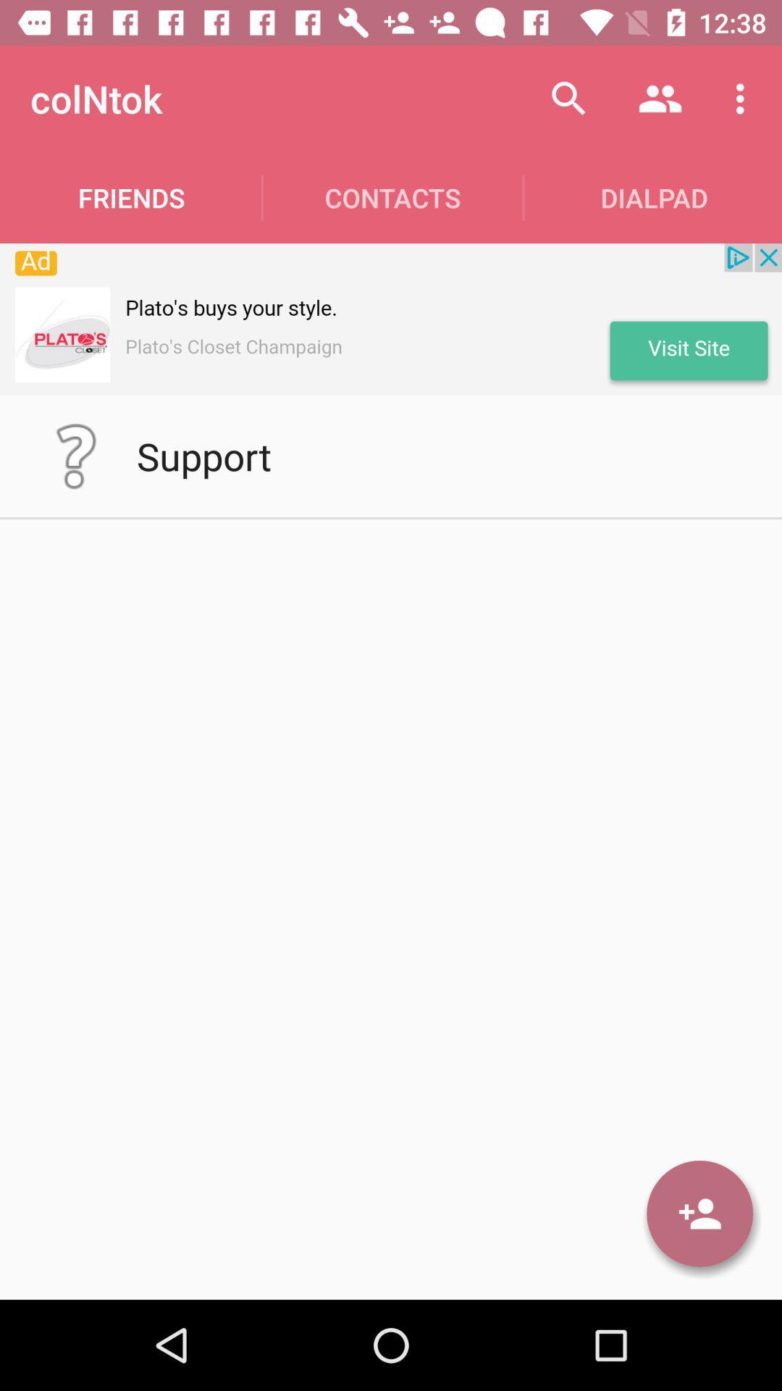  What do you see at coordinates (699, 1214) in the screenshot?
I see `the follow icon` at bounding box center [699, 1214].